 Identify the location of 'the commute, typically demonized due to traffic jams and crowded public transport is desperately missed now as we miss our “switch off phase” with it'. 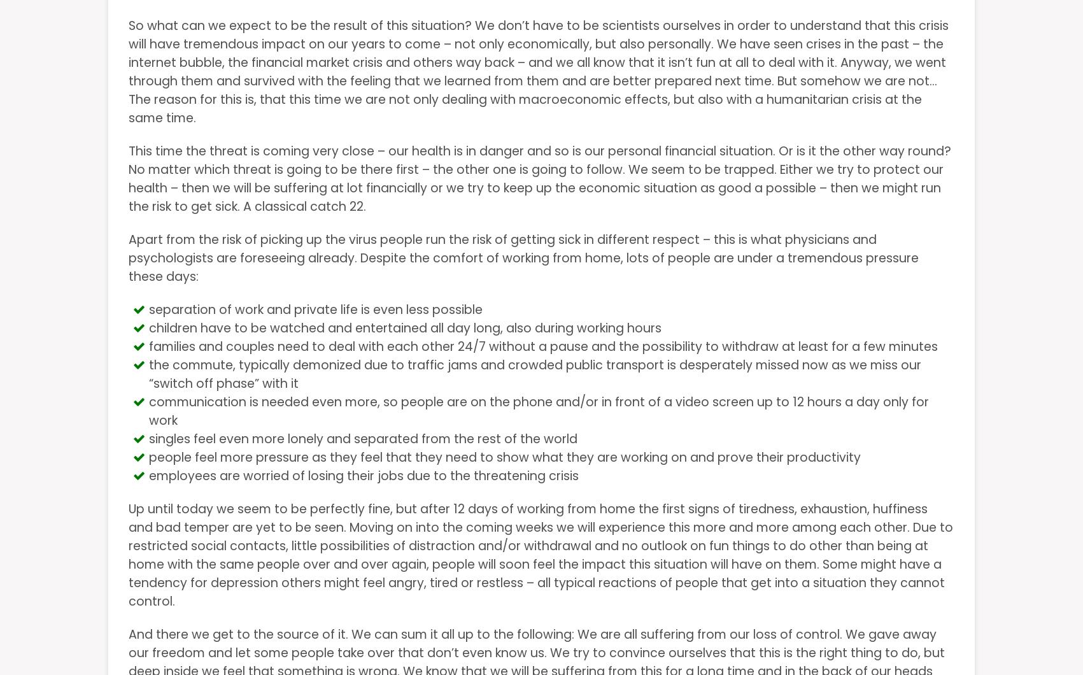
(535, 374).